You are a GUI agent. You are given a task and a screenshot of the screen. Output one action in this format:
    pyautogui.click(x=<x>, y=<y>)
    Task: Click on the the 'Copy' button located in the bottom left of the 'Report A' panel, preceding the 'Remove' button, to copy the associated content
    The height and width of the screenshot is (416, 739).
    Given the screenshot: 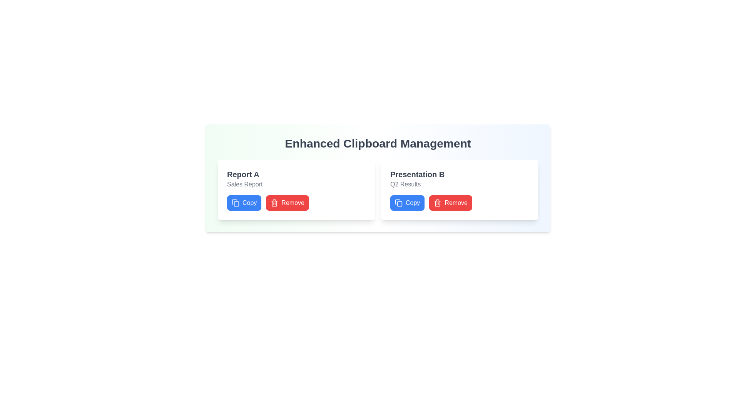 What is the action you would take?
    pyautogui.click(x=243, y=203)
    